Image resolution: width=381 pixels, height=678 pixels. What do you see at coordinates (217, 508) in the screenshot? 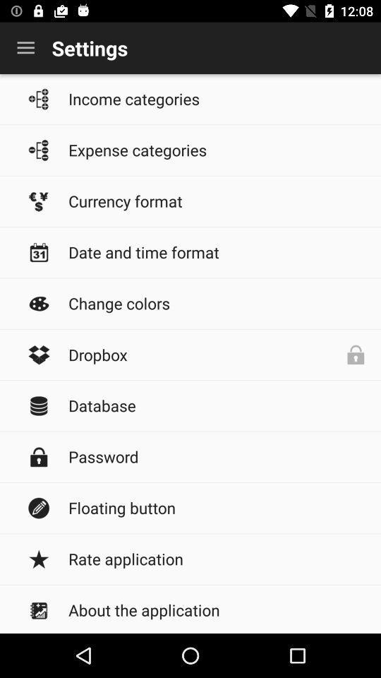
I see `the icon above the rate application icon` at bounding box center [217, 508].